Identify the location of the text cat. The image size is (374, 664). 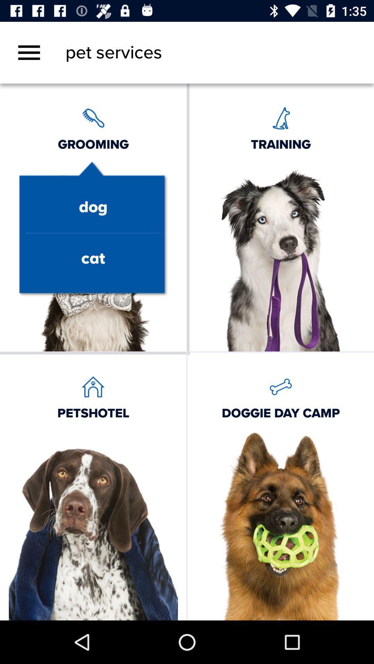
(93, 258).